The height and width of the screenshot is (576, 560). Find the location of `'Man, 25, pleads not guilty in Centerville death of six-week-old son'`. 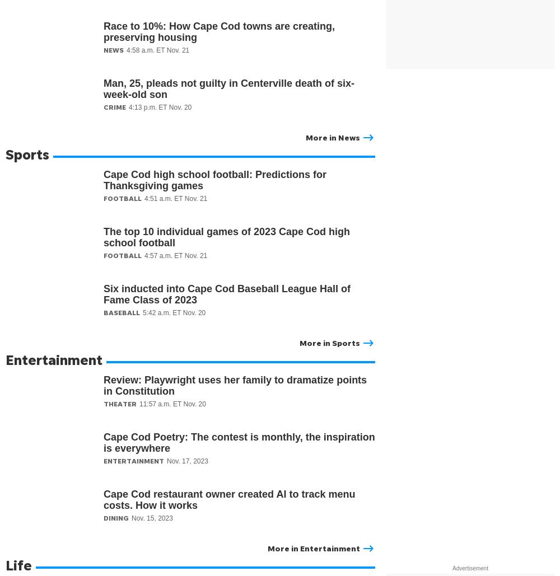

'Man, 25, pleads not guilty in Centerville death of six-week-old son' is located at coordinates (104, 88).